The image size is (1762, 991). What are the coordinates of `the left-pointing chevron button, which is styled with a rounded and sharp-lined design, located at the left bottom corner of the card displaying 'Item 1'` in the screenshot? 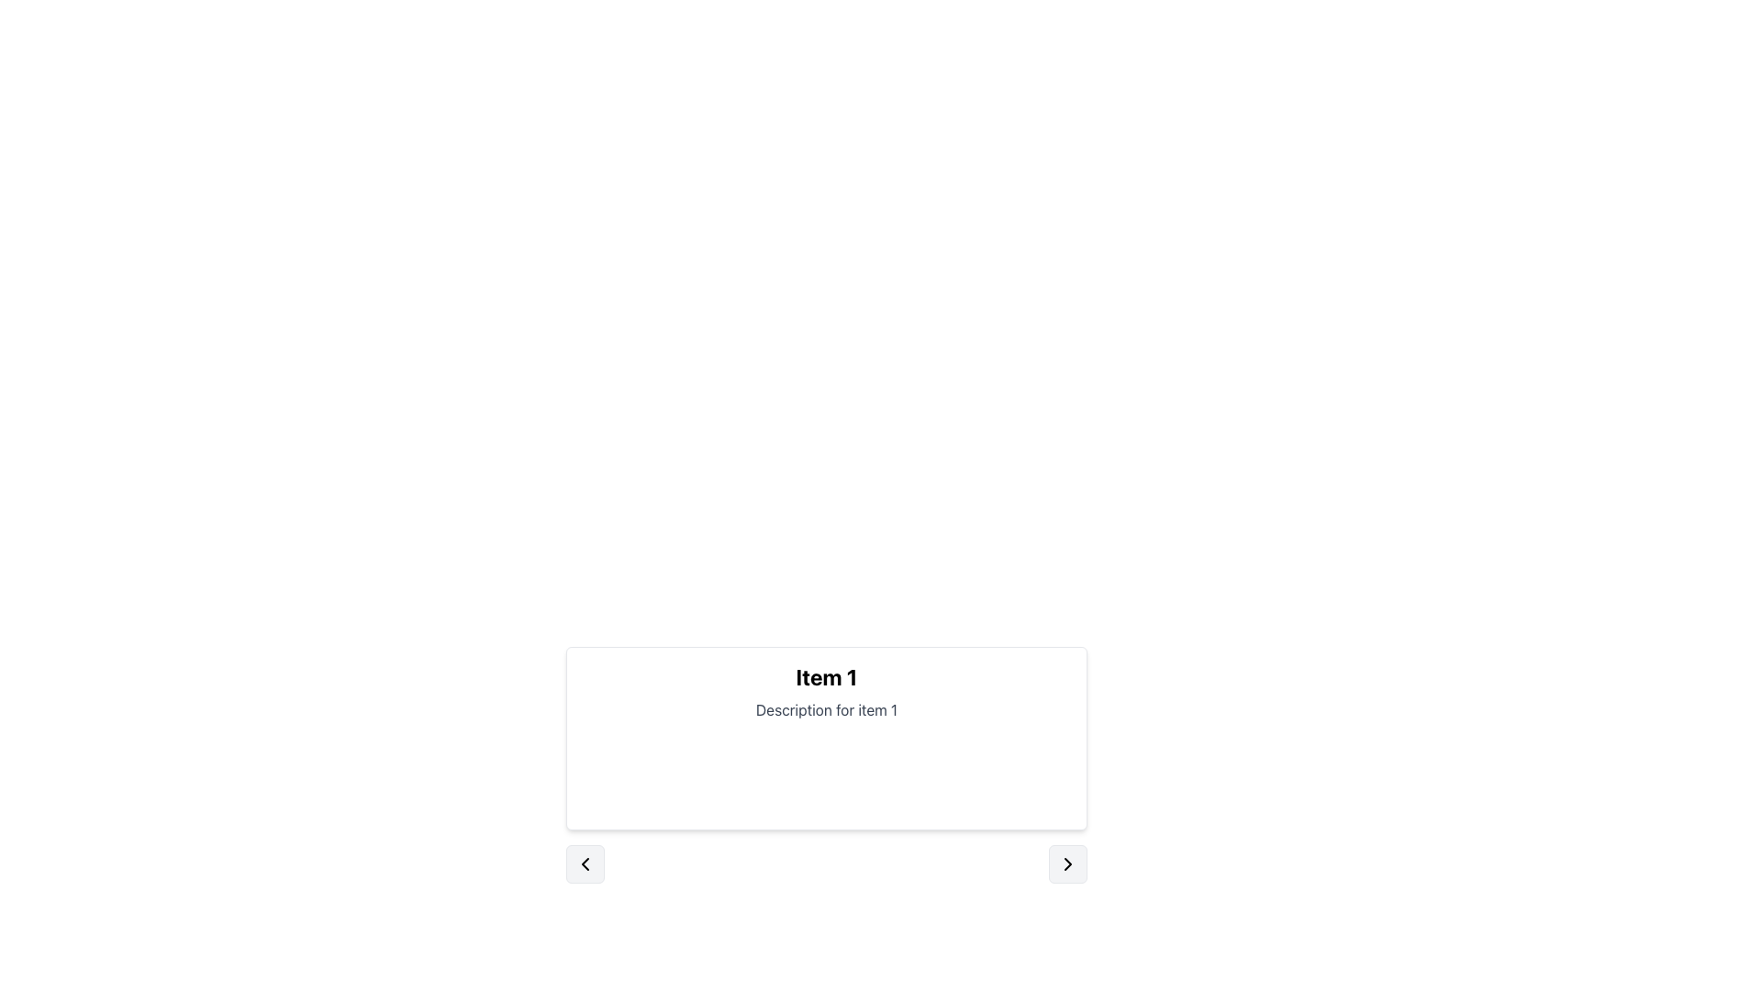 It's located at (585, 863).